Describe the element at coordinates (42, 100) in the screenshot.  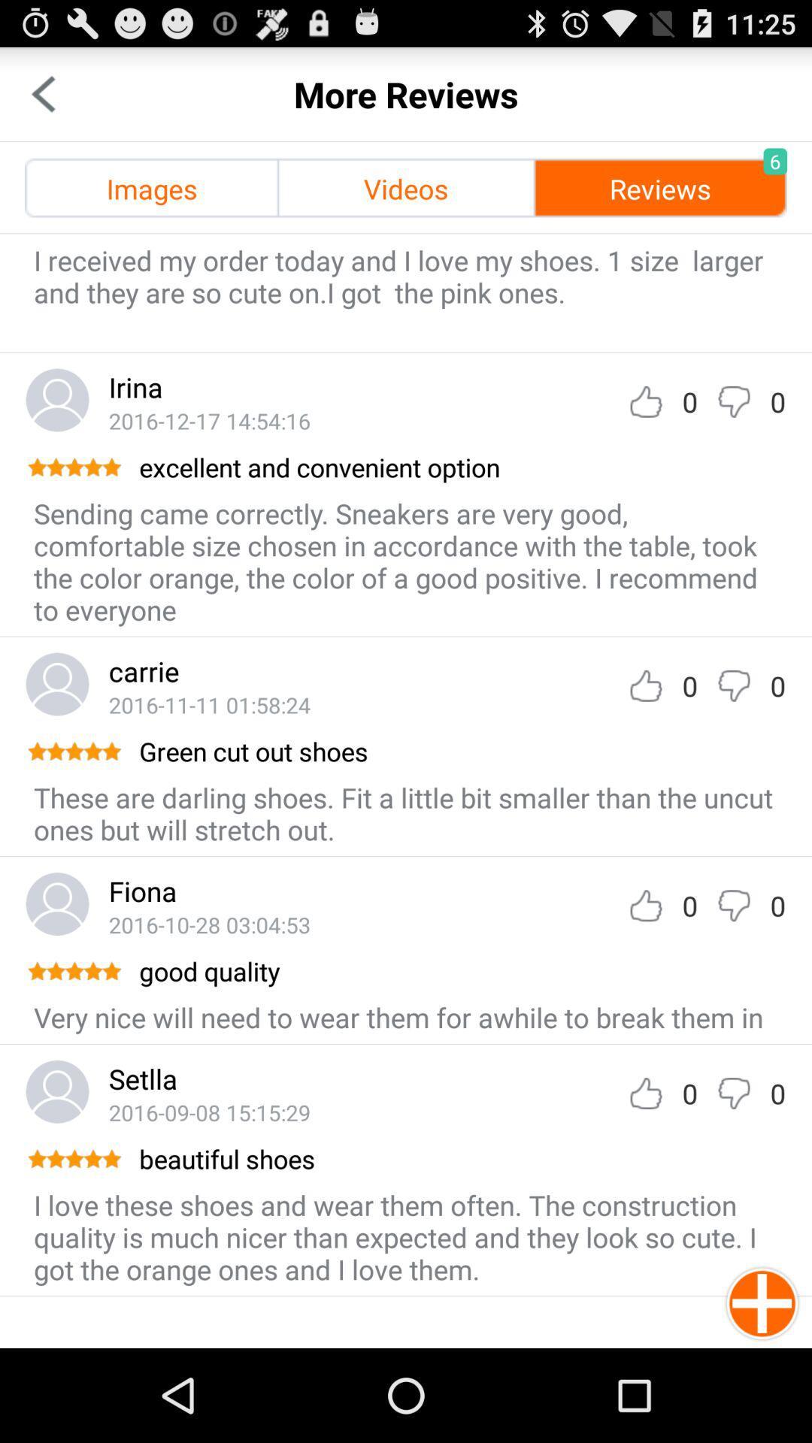
I see `the arrow_backward icon` at that location.